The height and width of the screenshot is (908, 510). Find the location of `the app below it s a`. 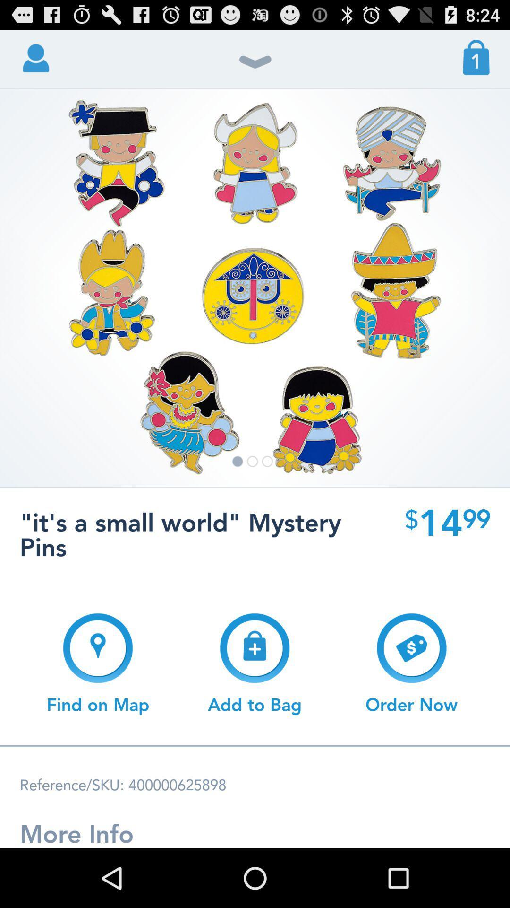

the app below it s a is located at coordinates (411, 663).